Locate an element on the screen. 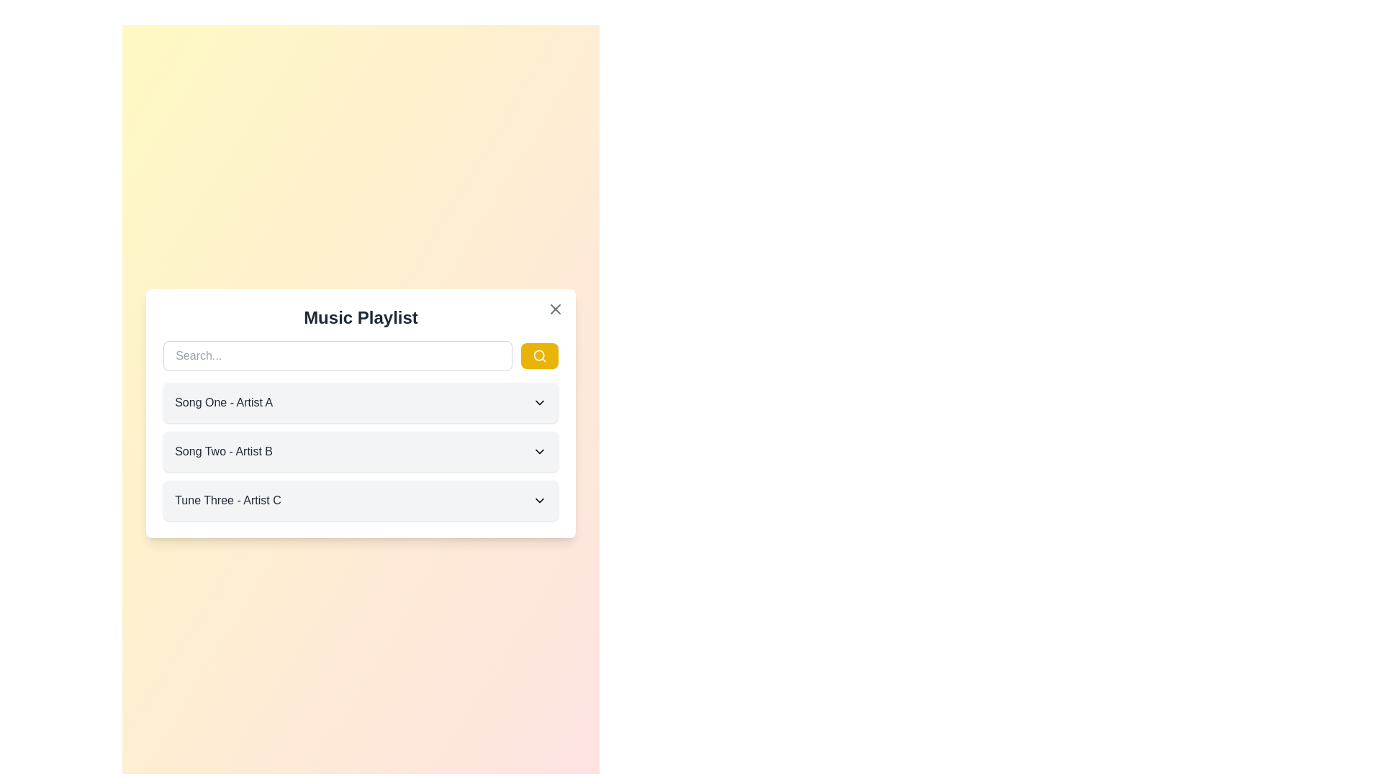 Image resolution: width=1382 pixels, height=777 pixels. the second item labeled 'Song Two - Artist B' in the vertically stacked music playlist to interact with it is located at coordinates (361, 451).